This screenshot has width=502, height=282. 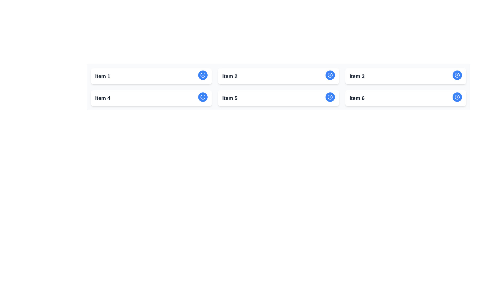 What do you see at coordinates (357, 98) in the screenshot?
I see `the Text Label that displays 'Item 6', which is styled in bold dark gray font and prominently positioned in the bottom-right corner of a grid layout` at bounding box center [357, 98].